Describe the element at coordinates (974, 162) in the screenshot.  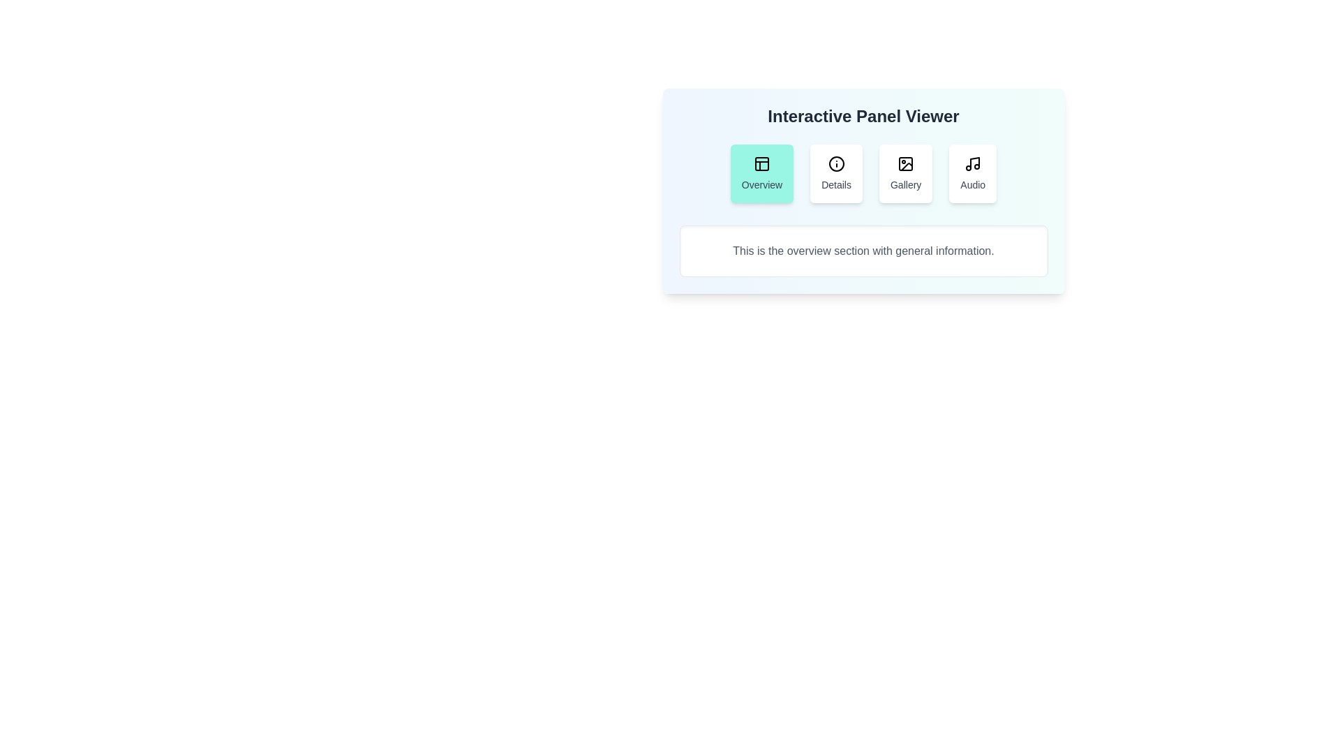
I see `the 'Audio' icon located in the top-right quadrant of the interface, which is part of the last button in a horizontal group of four buttons` at that location.